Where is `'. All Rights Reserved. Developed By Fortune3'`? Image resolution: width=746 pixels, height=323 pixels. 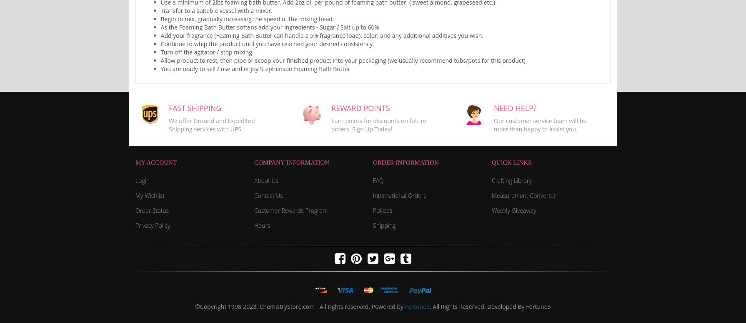
'. All Rights Reserved. Developed By Fortune3' is located at coordinates (490, 306).